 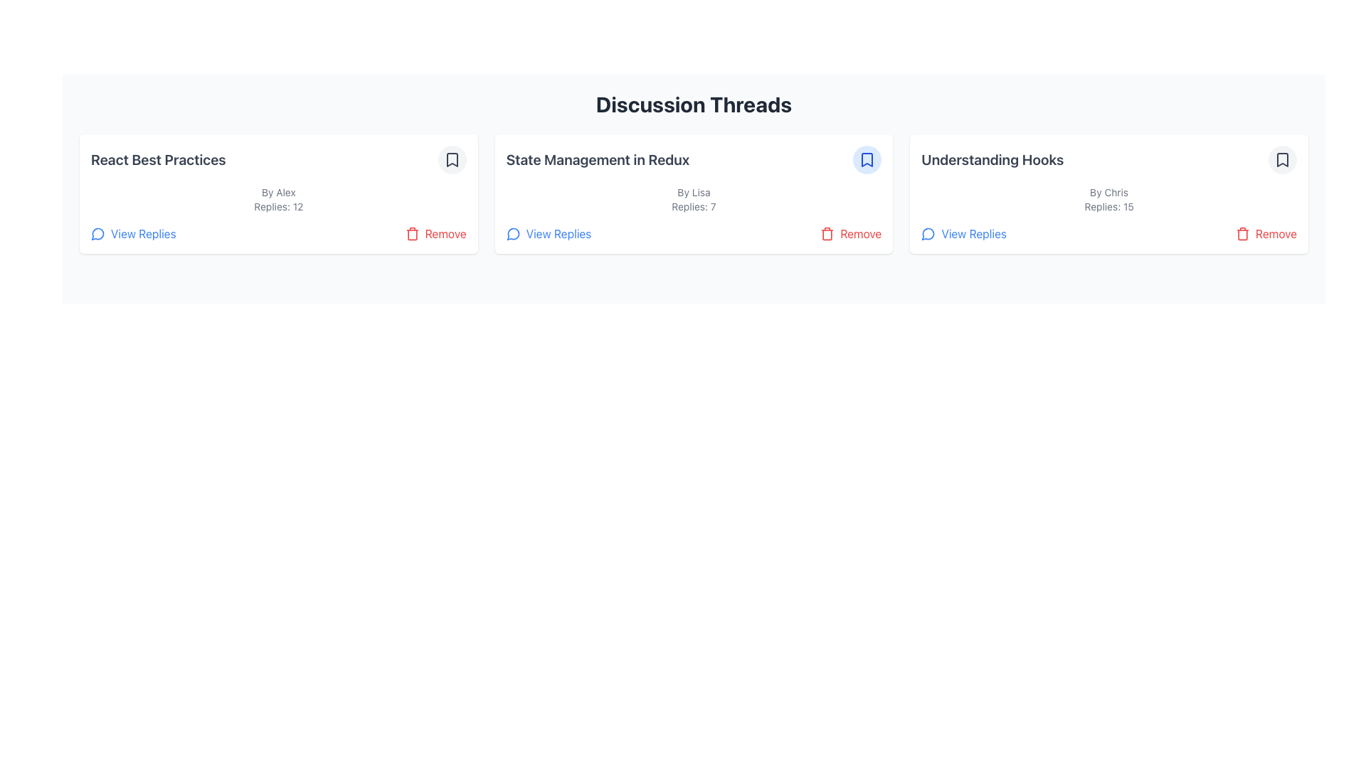 What do you see at coordinates (964, 233) in the screenshot?
I see `the button located in the bottom-left section of the 'Understanding Hooks' discussion thread card` at bounding box center [964, 233].